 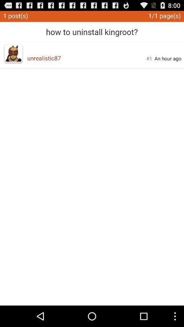 What do you see at coordinates (167, 58) in the screenshot?
I see `an hour ago item` at bounding box center [167, 58].